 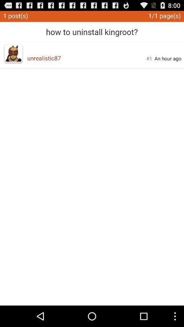 What do you see at coordinates (167, 58) in the screenshot?
I see `an hour ago item` at bounding box center [167, 58].